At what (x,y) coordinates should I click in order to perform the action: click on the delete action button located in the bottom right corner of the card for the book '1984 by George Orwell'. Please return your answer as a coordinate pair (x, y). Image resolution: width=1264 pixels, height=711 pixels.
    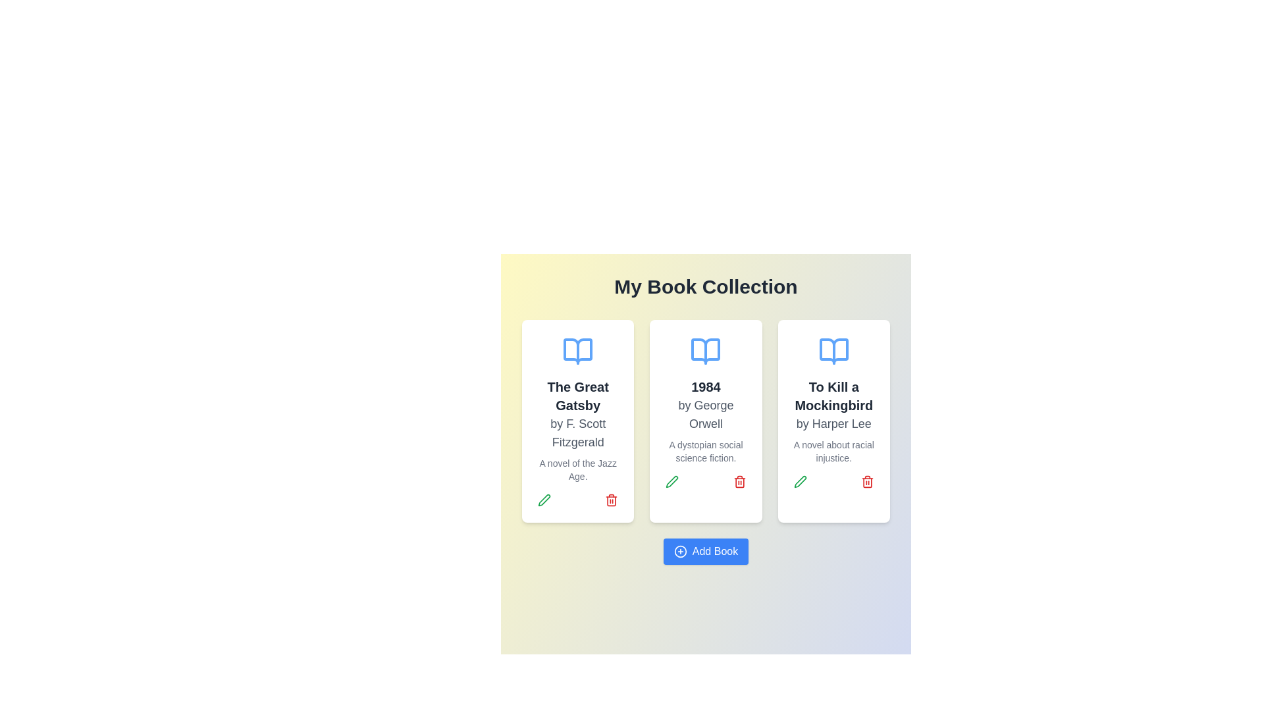
    Looking at the image, I should click on (739, 482).